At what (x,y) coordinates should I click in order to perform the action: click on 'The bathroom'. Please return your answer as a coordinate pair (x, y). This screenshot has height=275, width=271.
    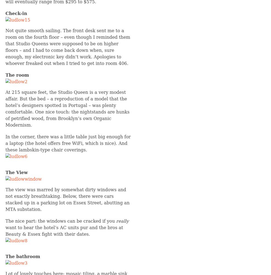
    Looking at the image, I should click on (5, 256).